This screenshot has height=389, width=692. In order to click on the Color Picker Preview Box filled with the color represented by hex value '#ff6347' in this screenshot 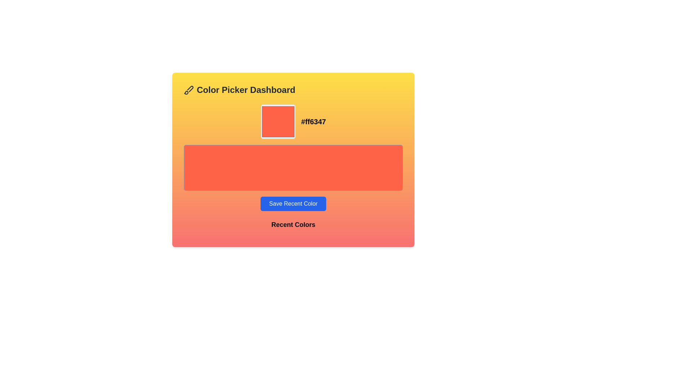, I will do `click(278, 121)`.